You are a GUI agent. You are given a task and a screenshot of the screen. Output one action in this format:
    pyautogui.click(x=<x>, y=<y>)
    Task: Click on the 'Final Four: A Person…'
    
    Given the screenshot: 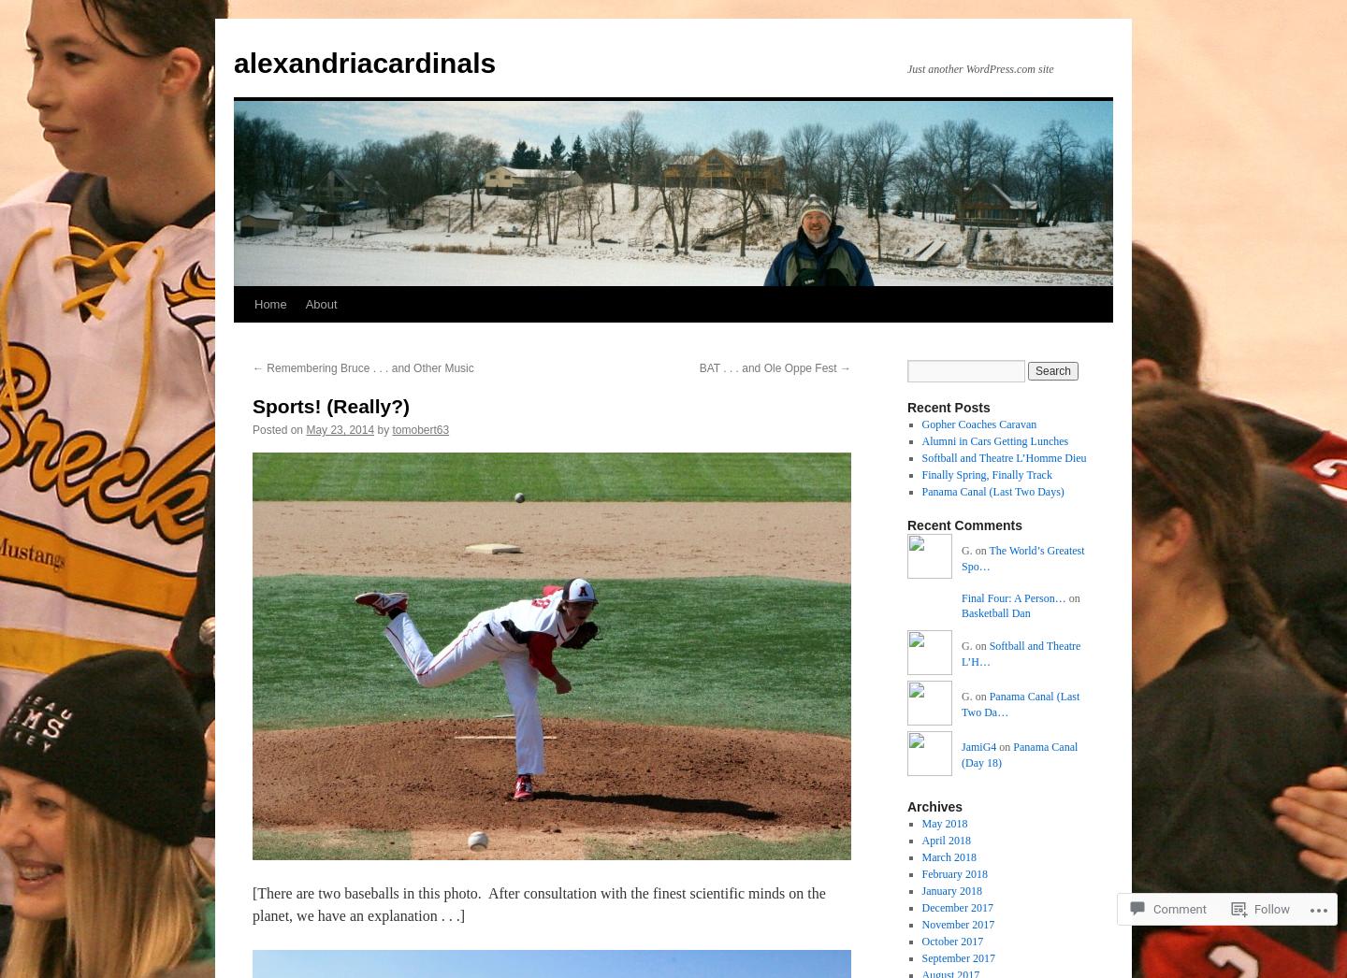 What is the action you would take?
    pyautogui.click(x=1012, y=597)
    